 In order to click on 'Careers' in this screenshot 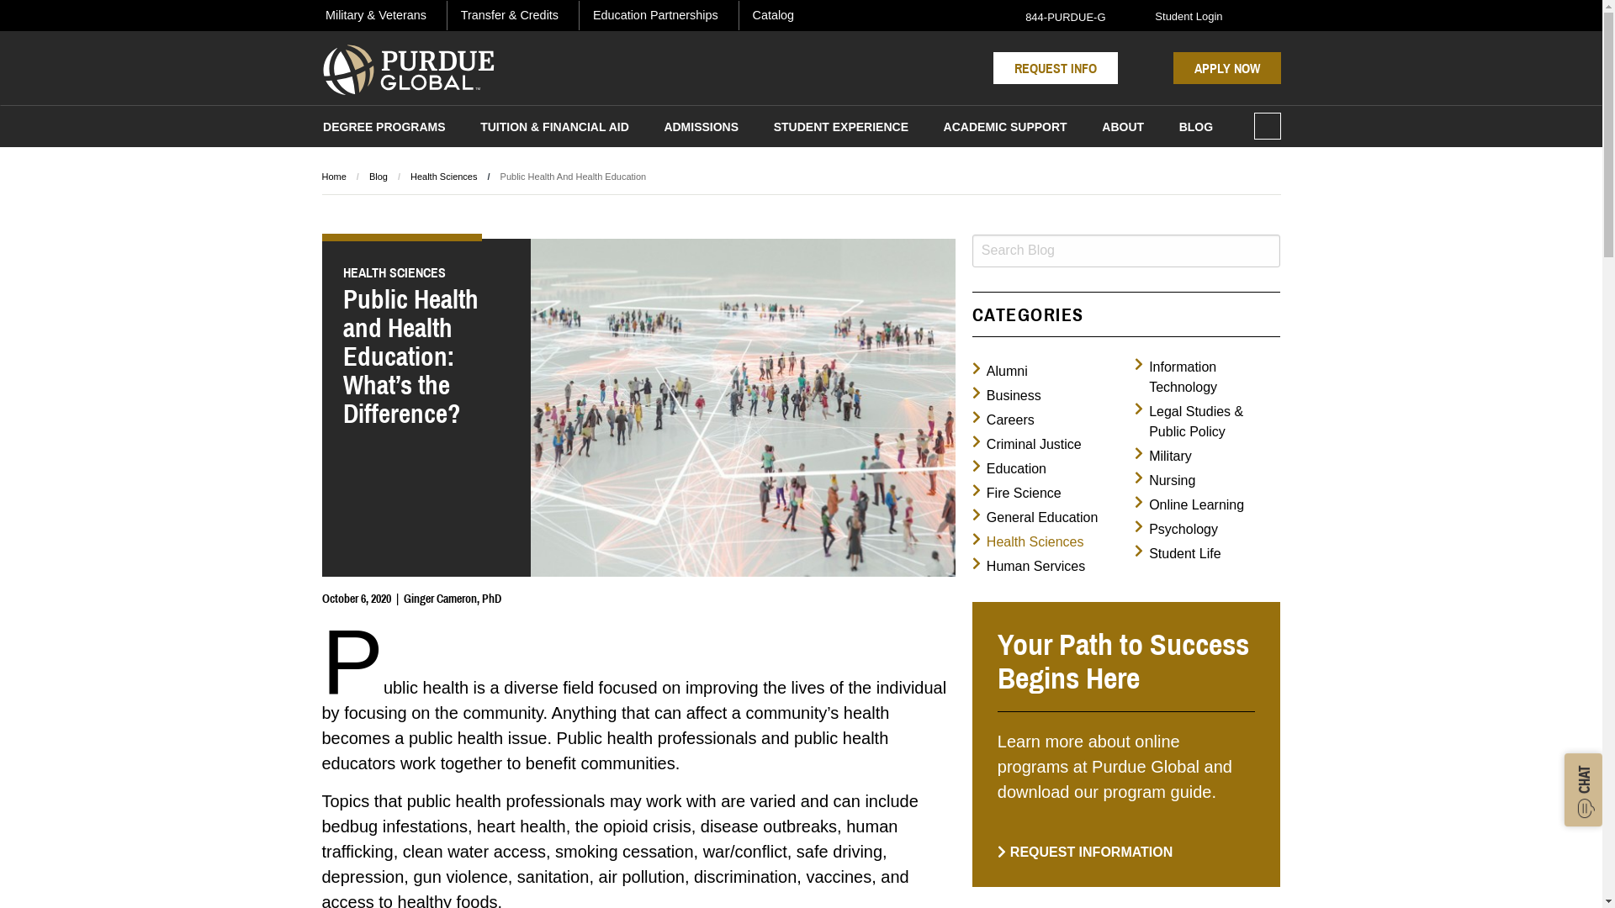, I will do `click(1003, 420)`.